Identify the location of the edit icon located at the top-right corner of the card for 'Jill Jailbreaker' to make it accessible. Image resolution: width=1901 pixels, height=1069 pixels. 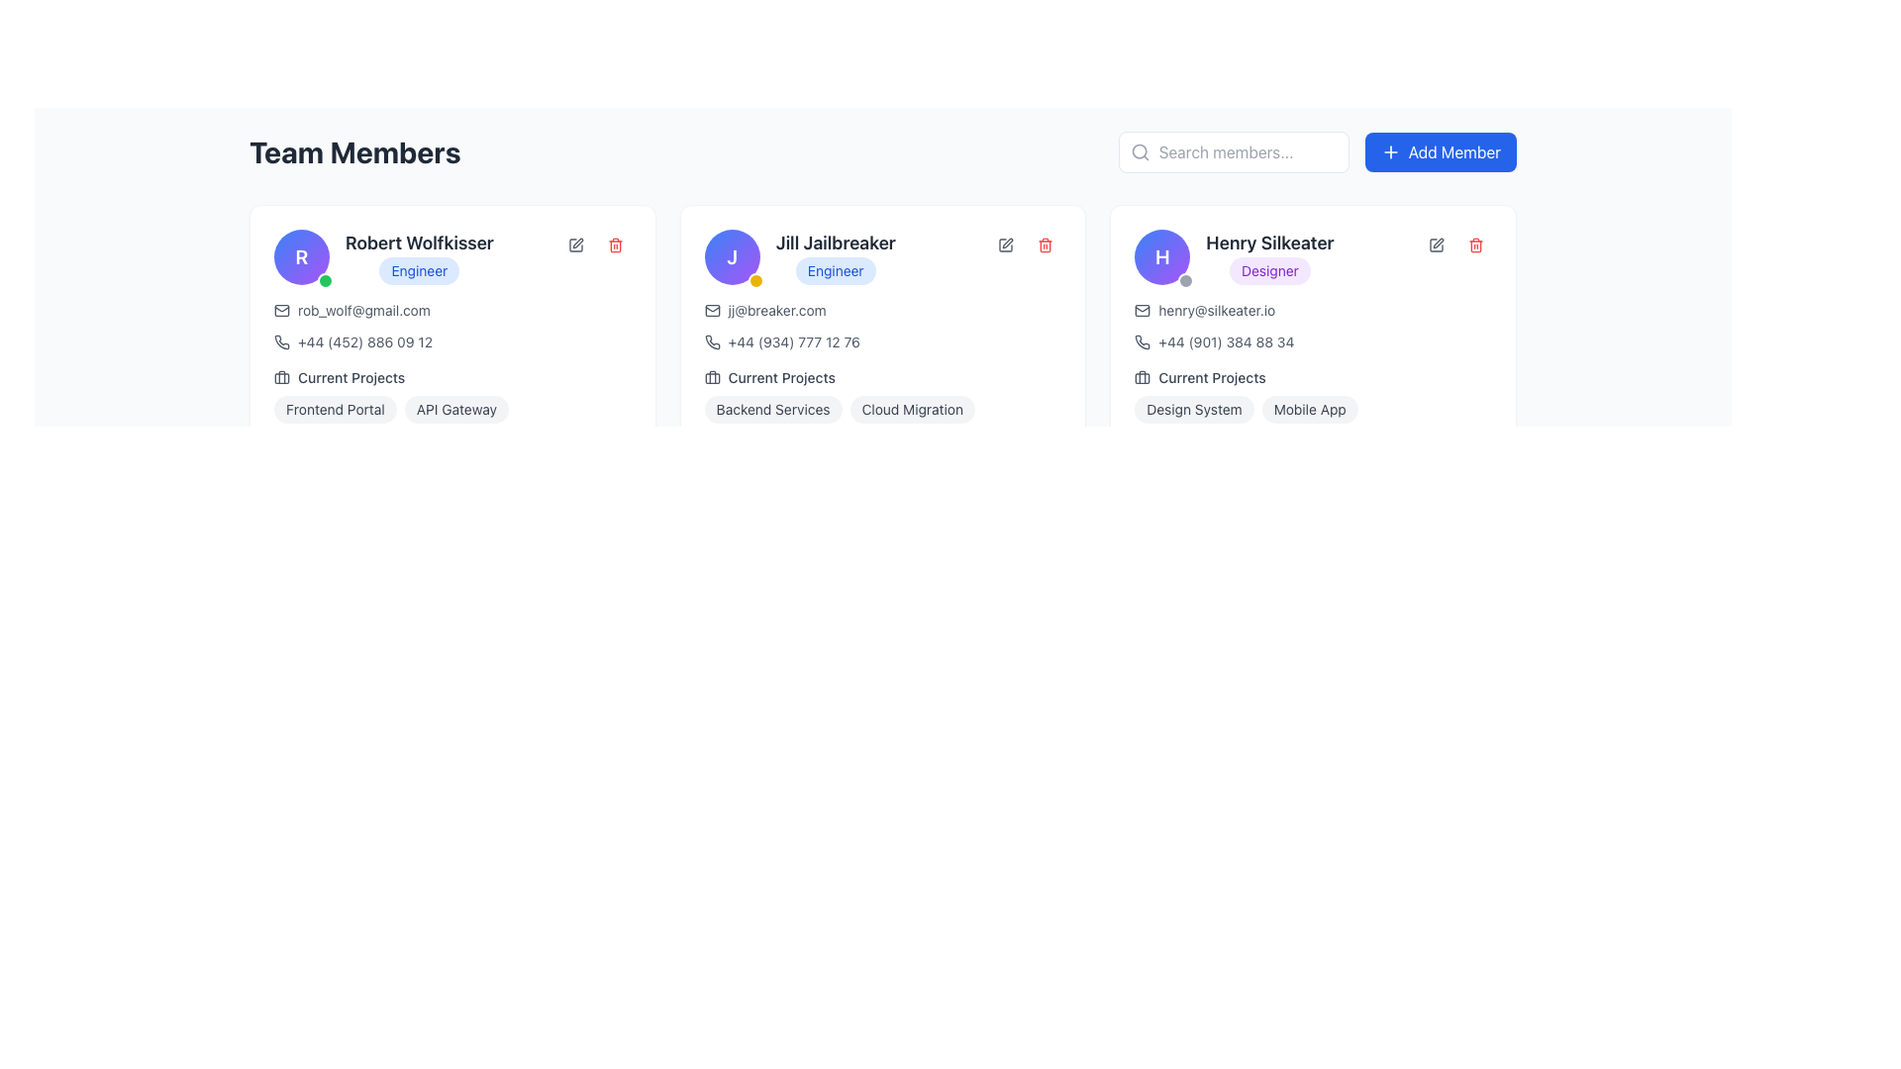
(1006, 243).